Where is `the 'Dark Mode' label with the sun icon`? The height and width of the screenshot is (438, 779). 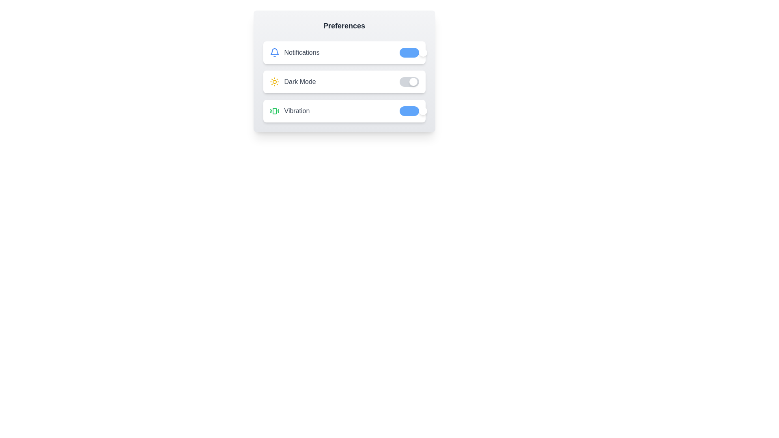 the 'Dark Mode' label with the sun icon is located at coordinates (292, 82).